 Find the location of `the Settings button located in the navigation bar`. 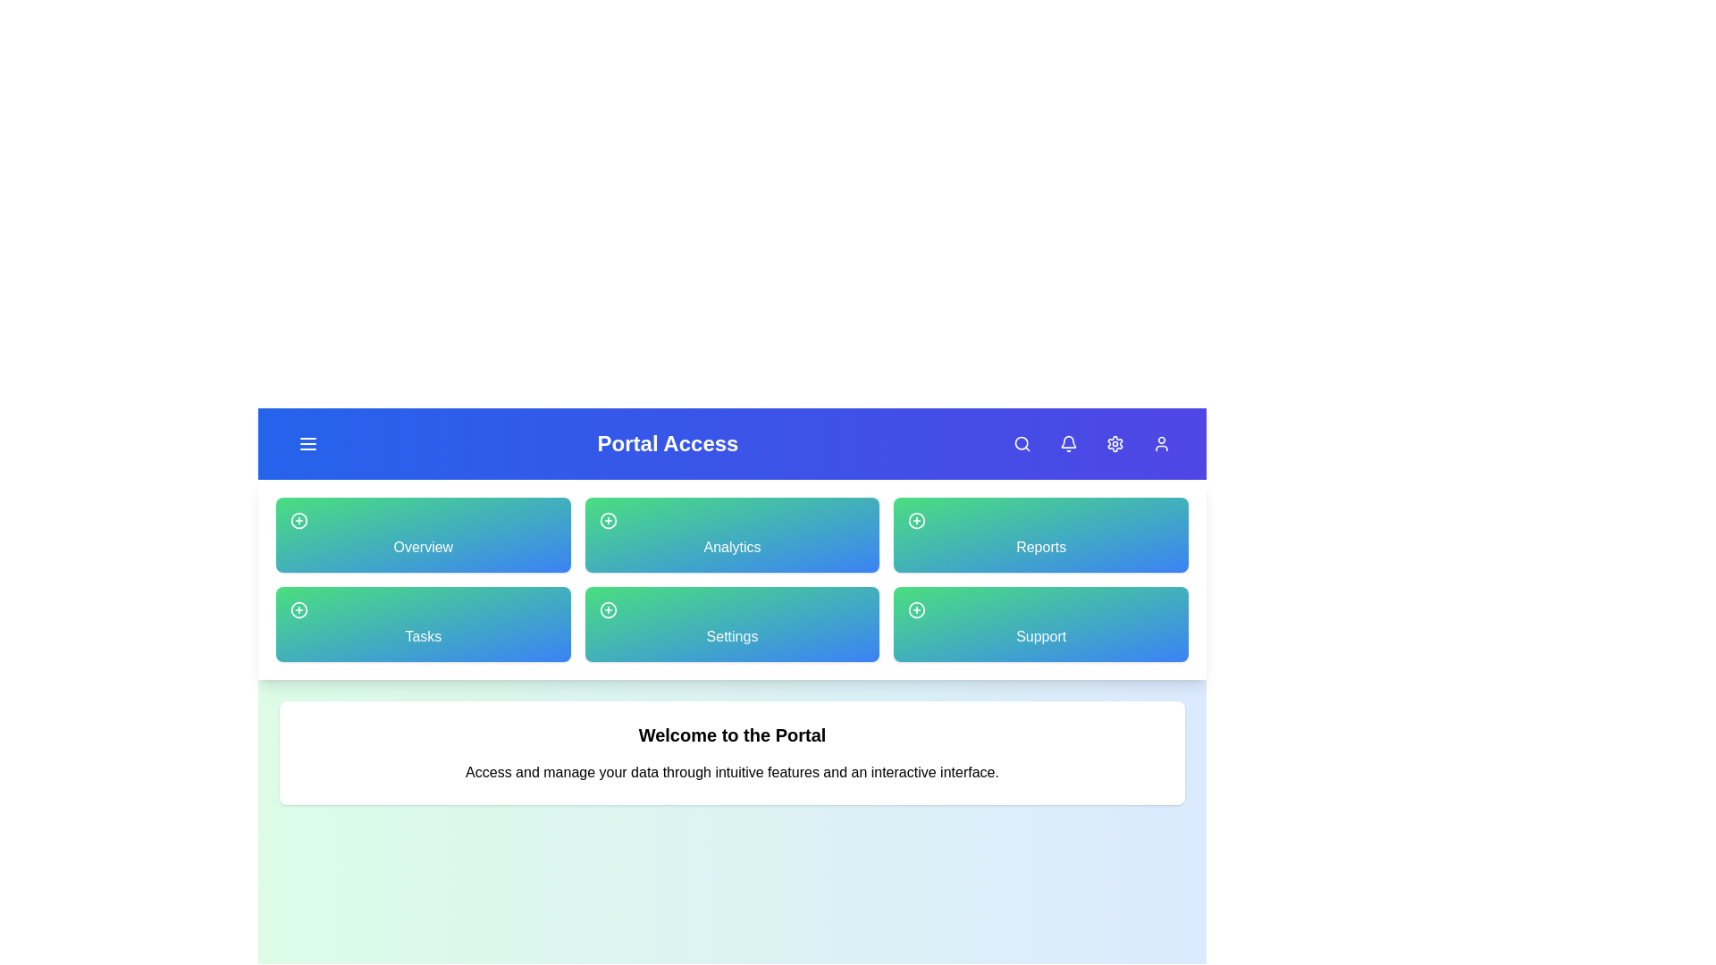

the Settings button located in the navigation bar is located at coordinates (1115, 443).